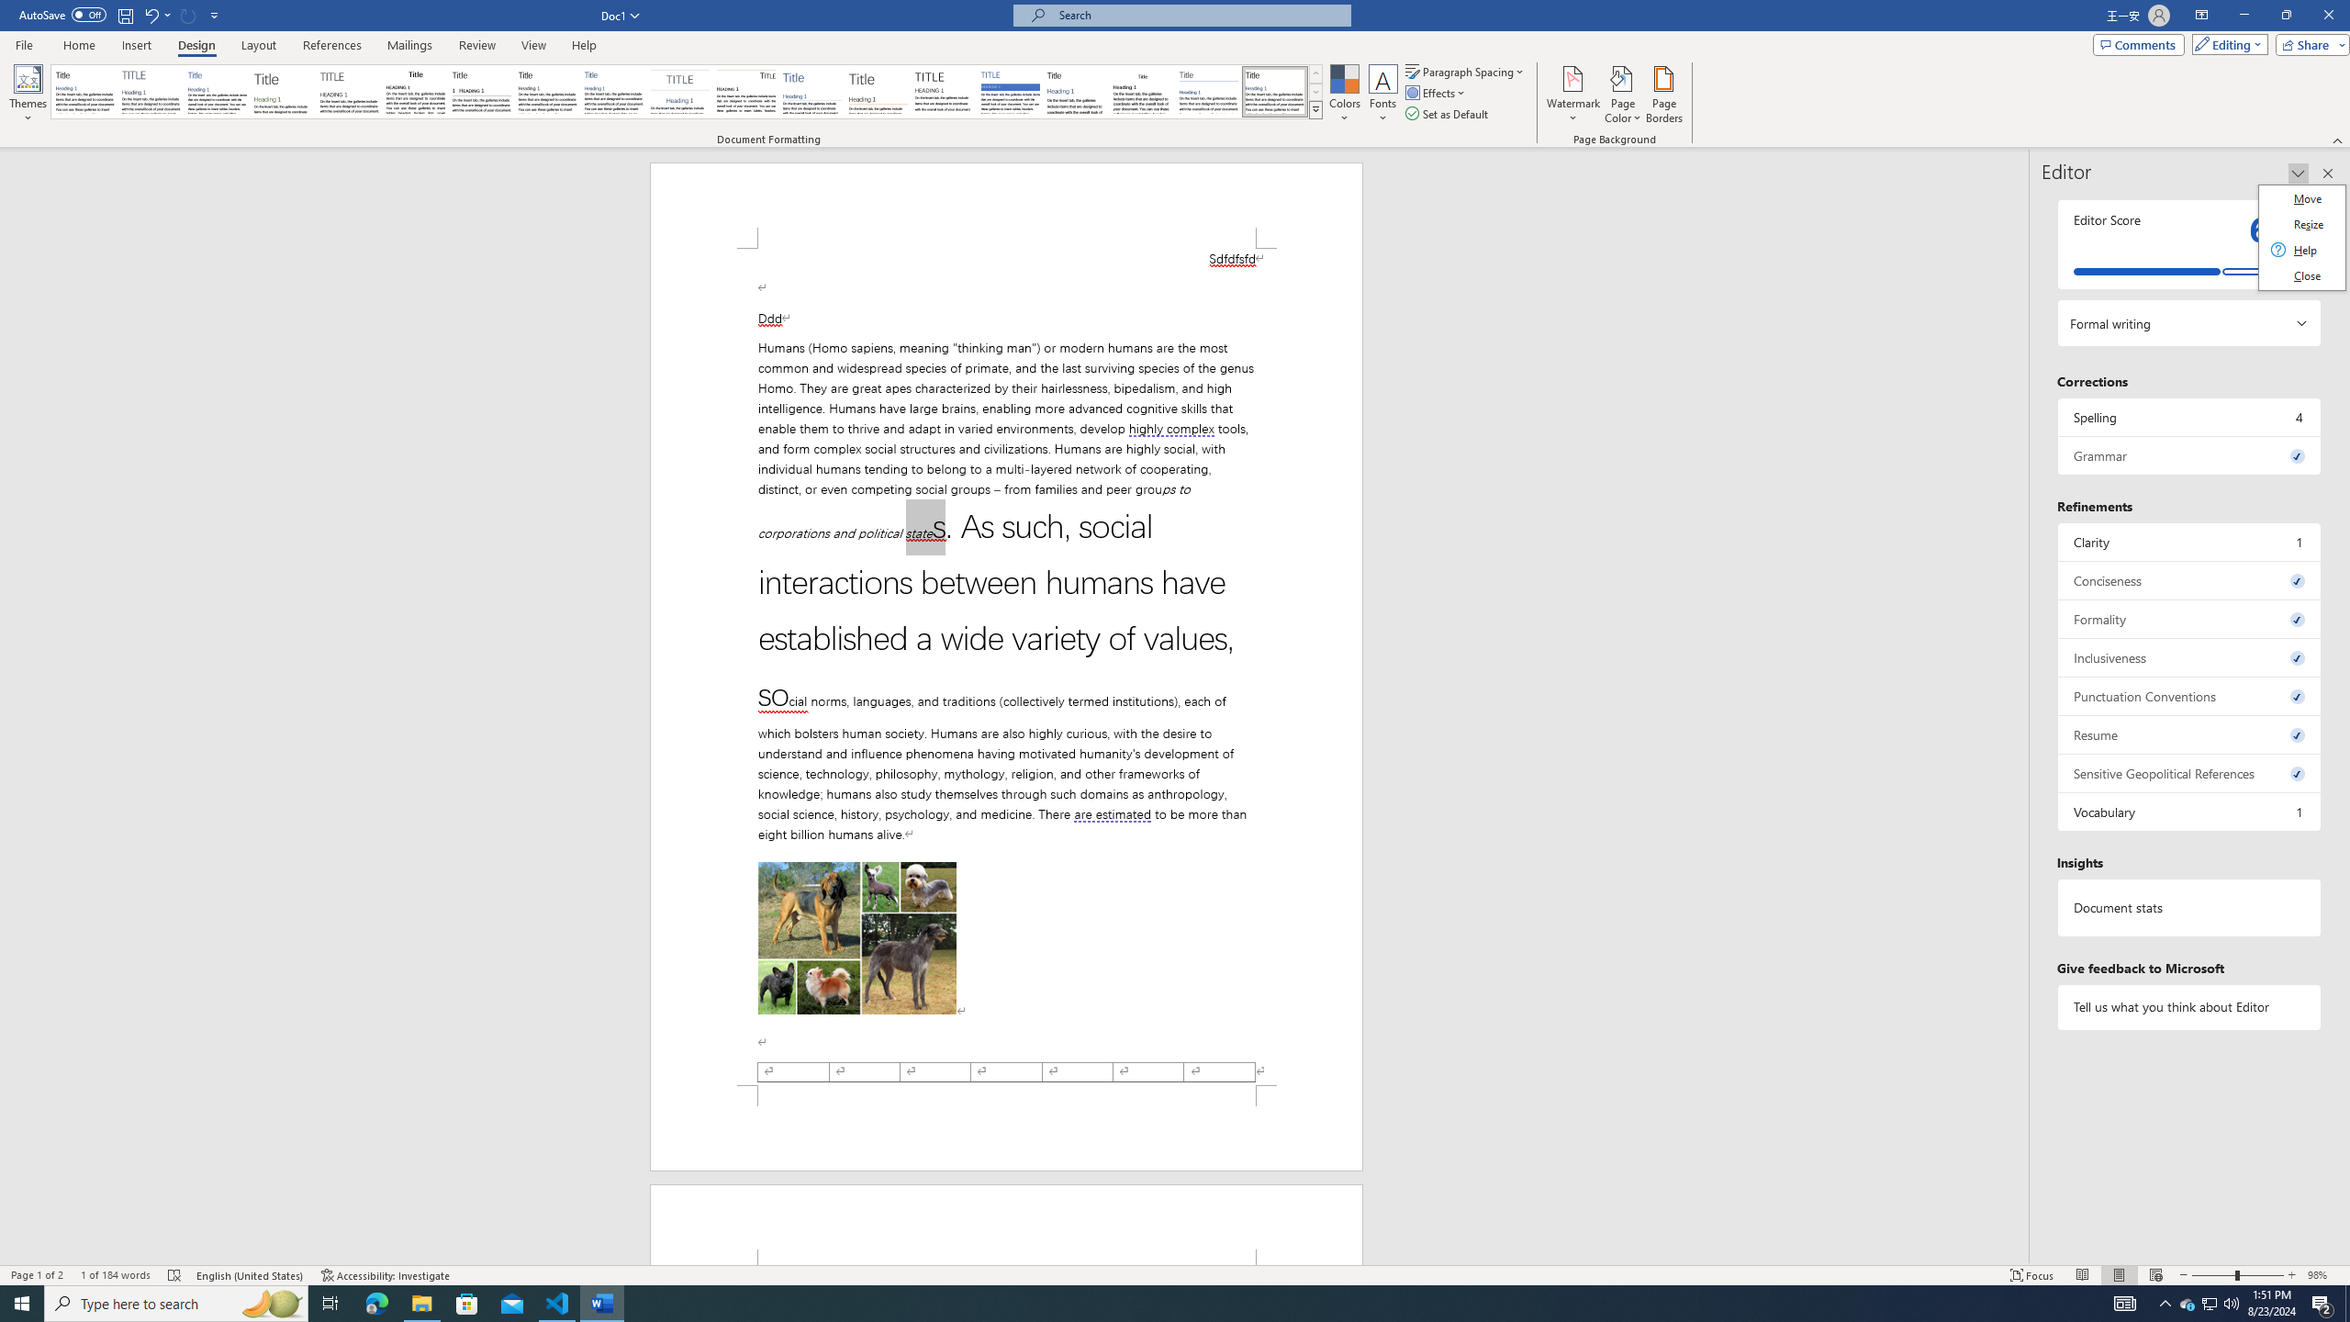 This screenshot has height=1322, width=2350. Describe the element at coordinates (2301, 237) in the screenshot. I see `'Class: Net UI Tool Window'` at that location.